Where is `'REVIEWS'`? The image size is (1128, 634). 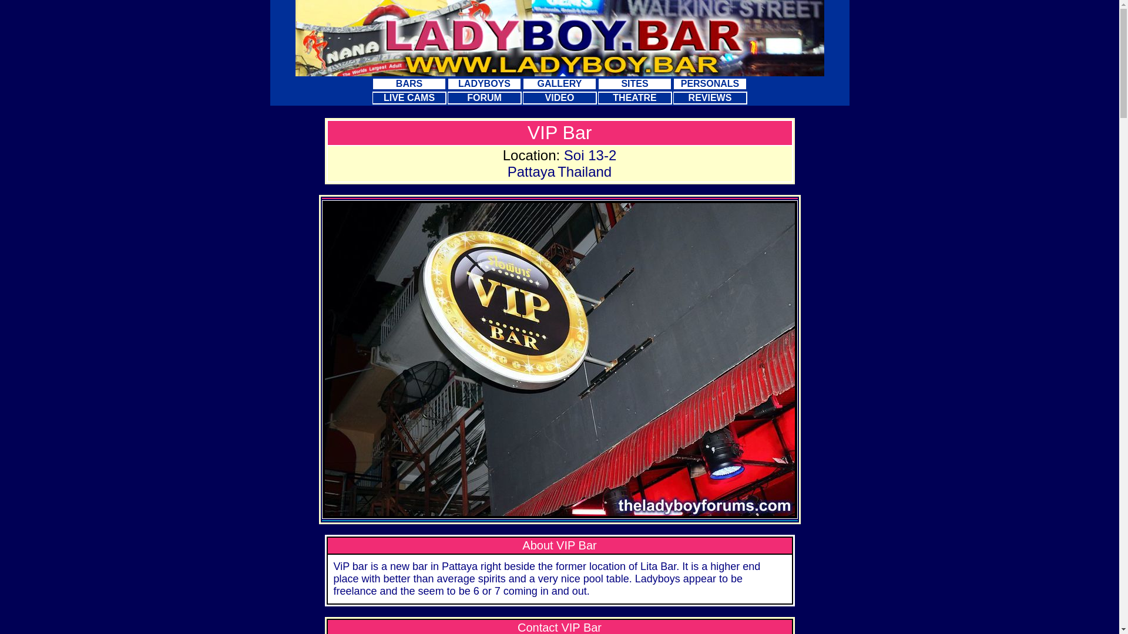 'REVIEWS' is located at coordinates (709, 97).